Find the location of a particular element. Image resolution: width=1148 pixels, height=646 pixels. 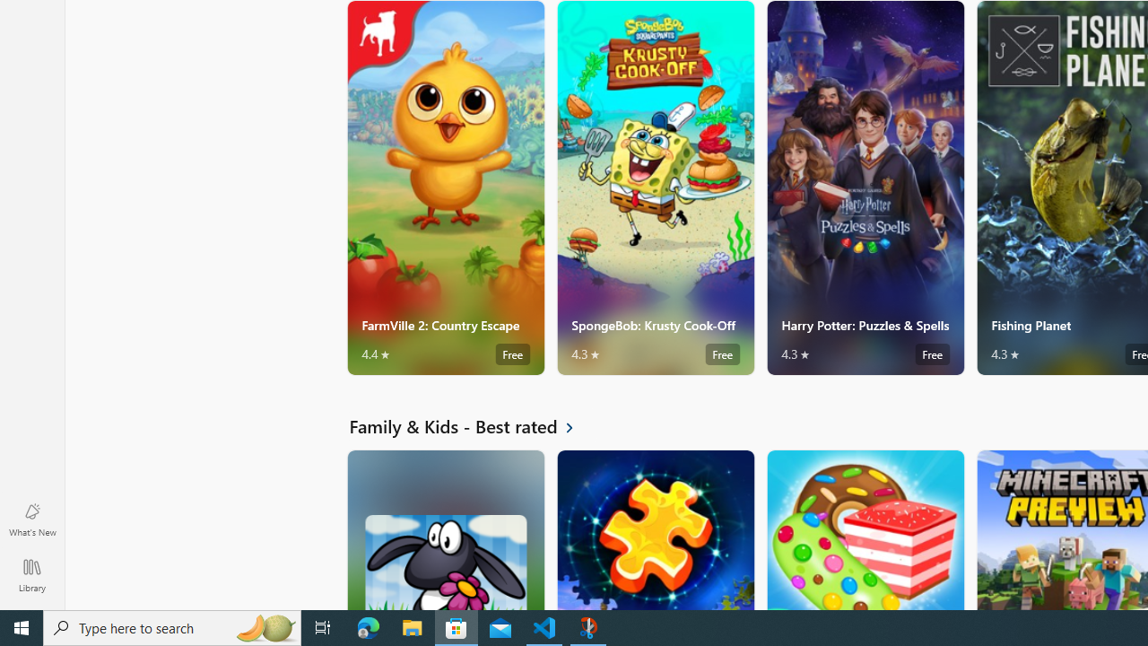

'Library' is located at coordinates (31, 574).